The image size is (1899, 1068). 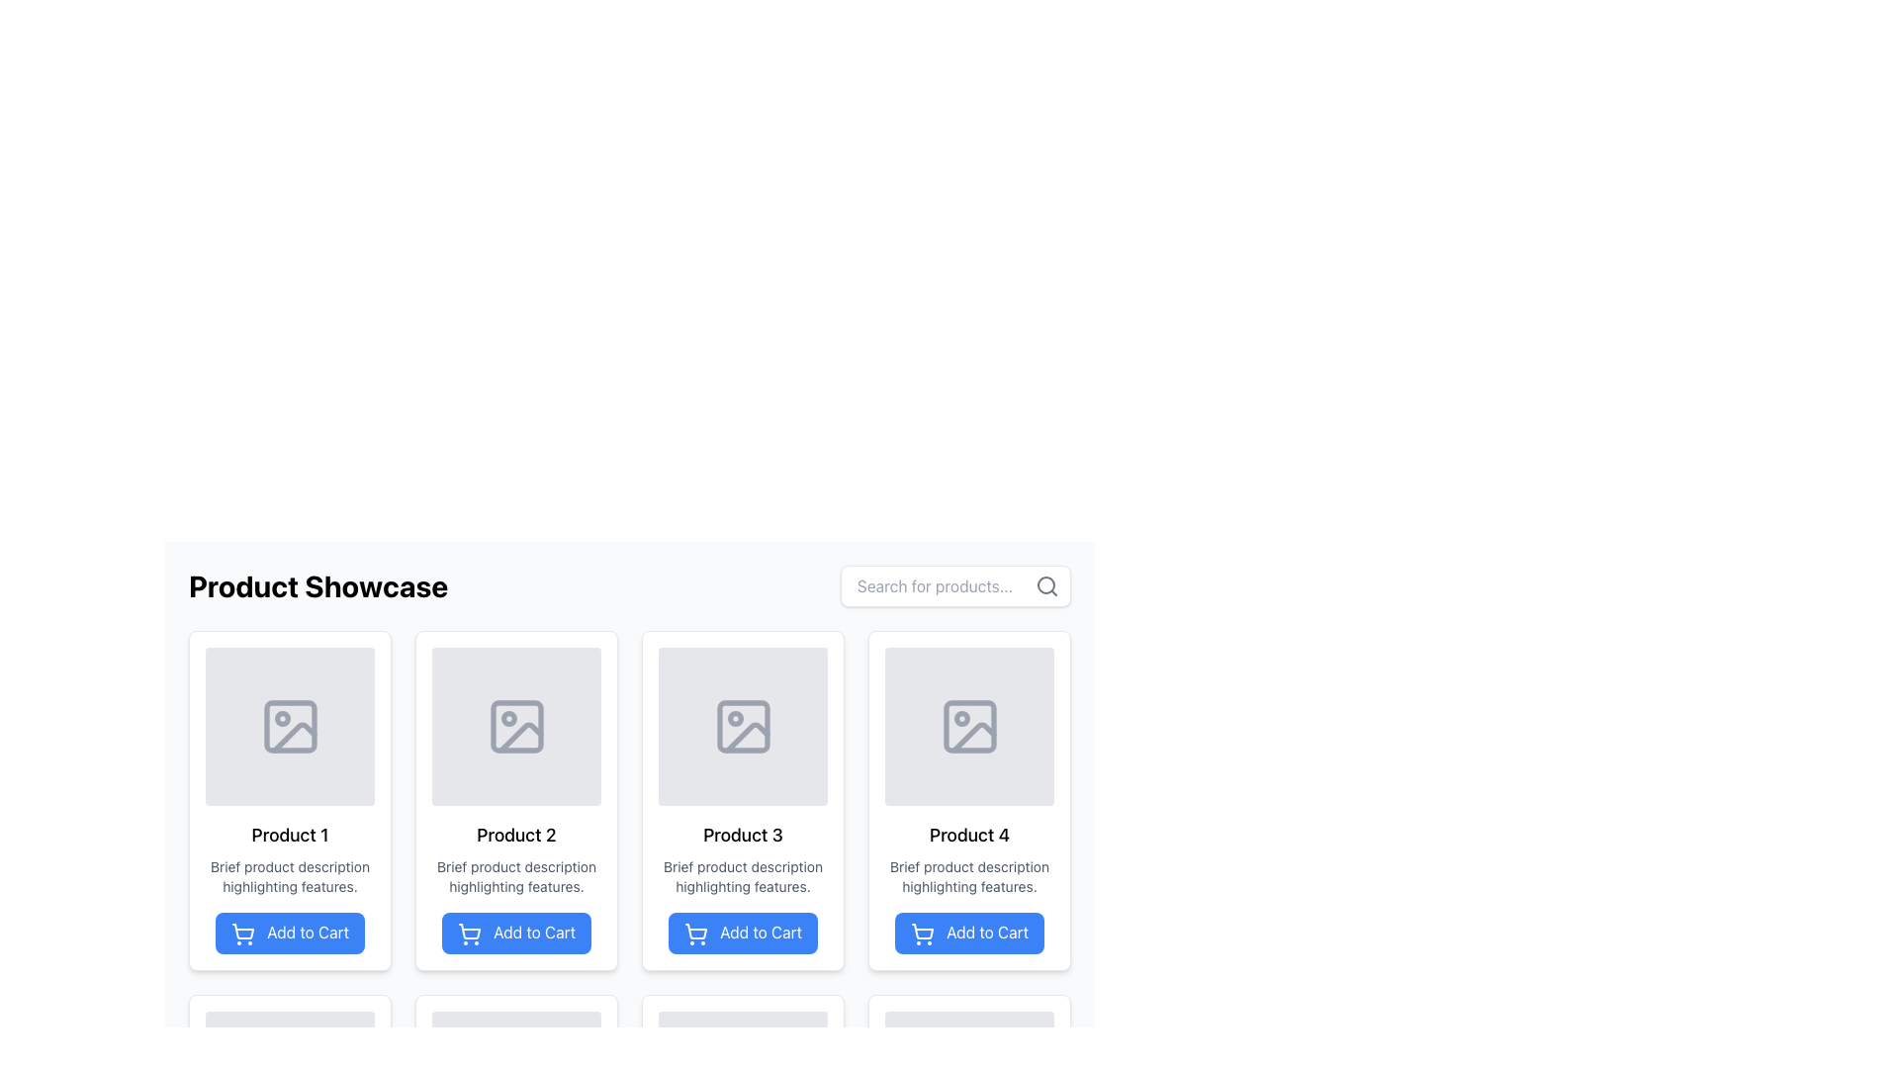 What do you see at coordinates (289, 933) in the screenshot?
I see `the 'Add to Cart' button for Product 1, located beneath the product description in the first product card on the left side of the grid layout` at bounding box center [289, 933].